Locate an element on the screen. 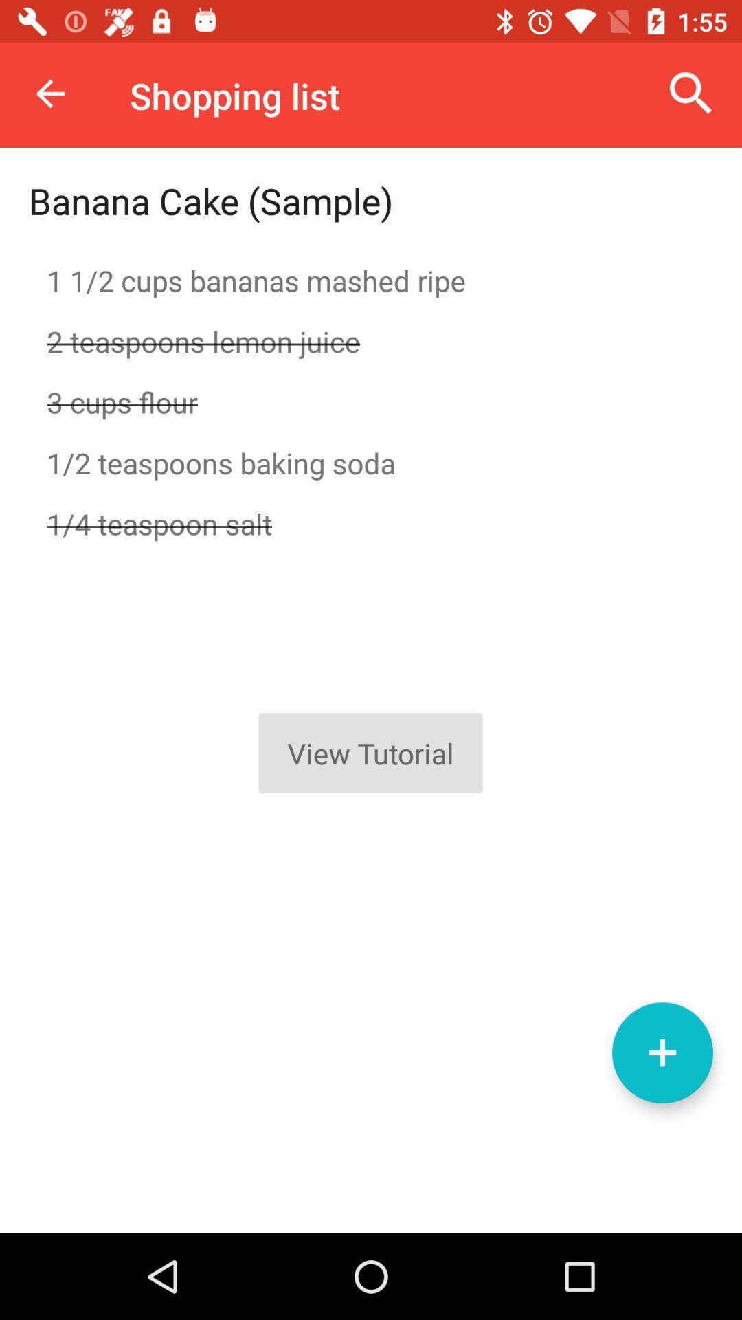 Image resolution: width=742 pixels, height=1320 pixels. the icon to the left of the shopping list is located at coordinates (49, 93).